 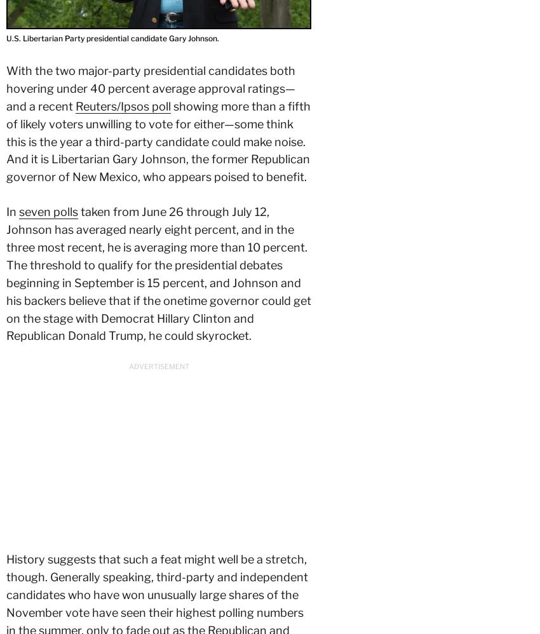 I want to click on 'RSS Feeds', so click(x=294, y=611).